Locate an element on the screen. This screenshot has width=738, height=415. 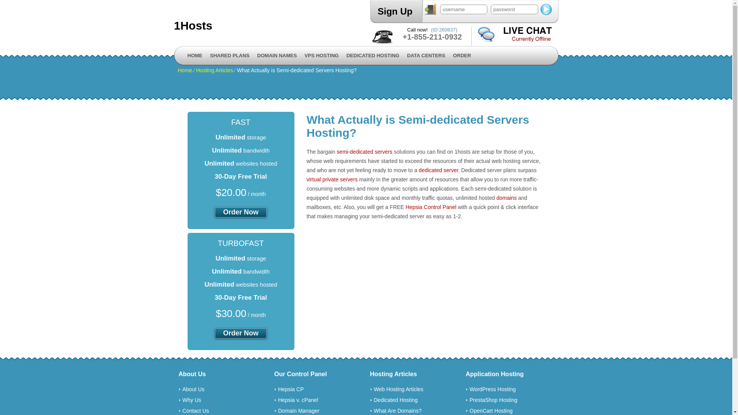
'VPS HOSTING' is located at coordinates (321, 55).